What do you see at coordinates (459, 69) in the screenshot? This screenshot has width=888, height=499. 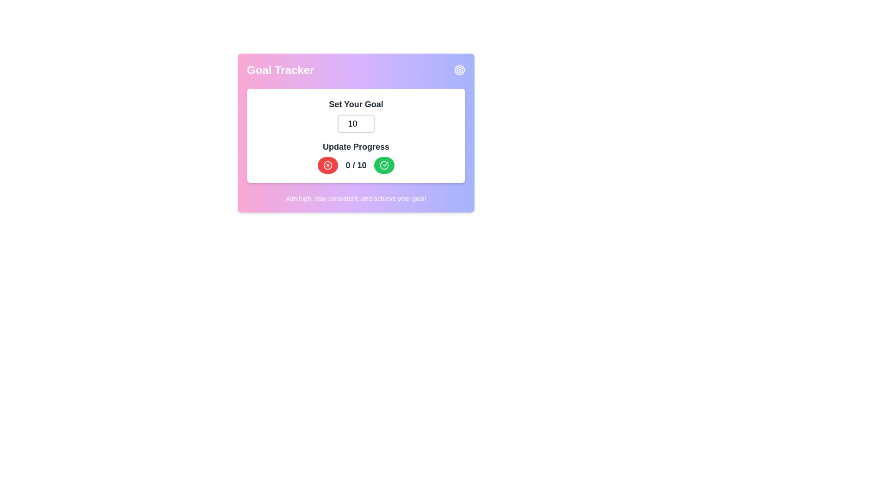 I see `SVG Circle element that is part of a concentric circle structure, located near the top-right corner of the 'Goal Tracker' panel` at bounding box center [459, 69].